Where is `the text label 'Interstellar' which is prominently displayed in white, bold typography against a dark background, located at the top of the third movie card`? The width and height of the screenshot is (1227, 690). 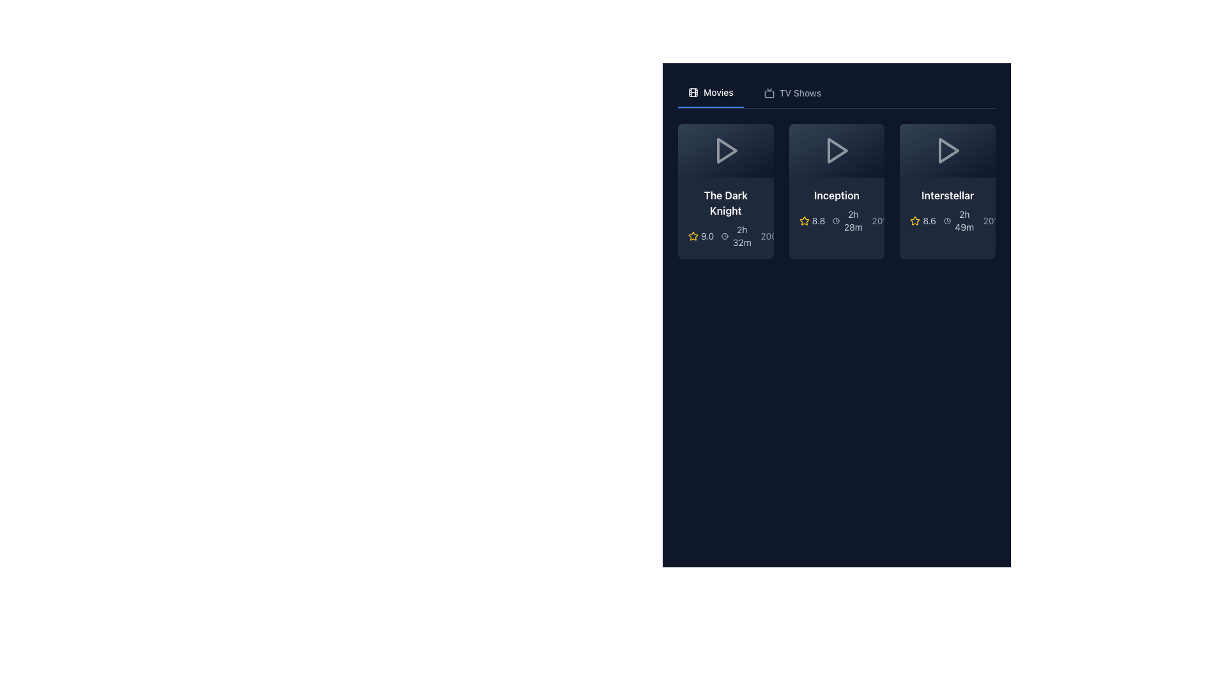 the text label 'Interstellar' which is prominently displayed in white, bold typography against a dark background, located at the top of the third movie card is located at coordinates (948, 195).